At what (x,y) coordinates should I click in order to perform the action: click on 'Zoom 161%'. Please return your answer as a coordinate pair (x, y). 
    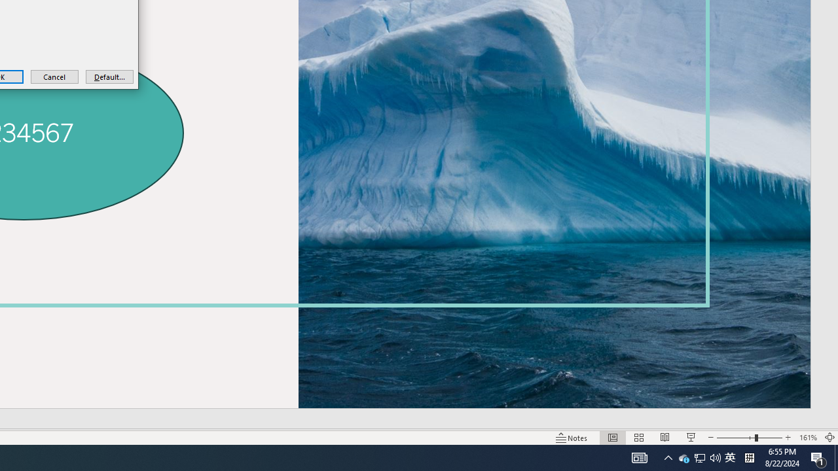
    Looking at the image, I should click on (807, 438).